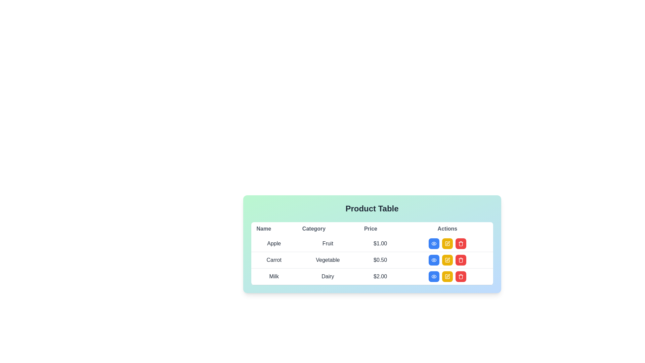  I want to click on the red square delete button with a trash can icon located in the last column of the second row of the actions section, so click(460, 260).